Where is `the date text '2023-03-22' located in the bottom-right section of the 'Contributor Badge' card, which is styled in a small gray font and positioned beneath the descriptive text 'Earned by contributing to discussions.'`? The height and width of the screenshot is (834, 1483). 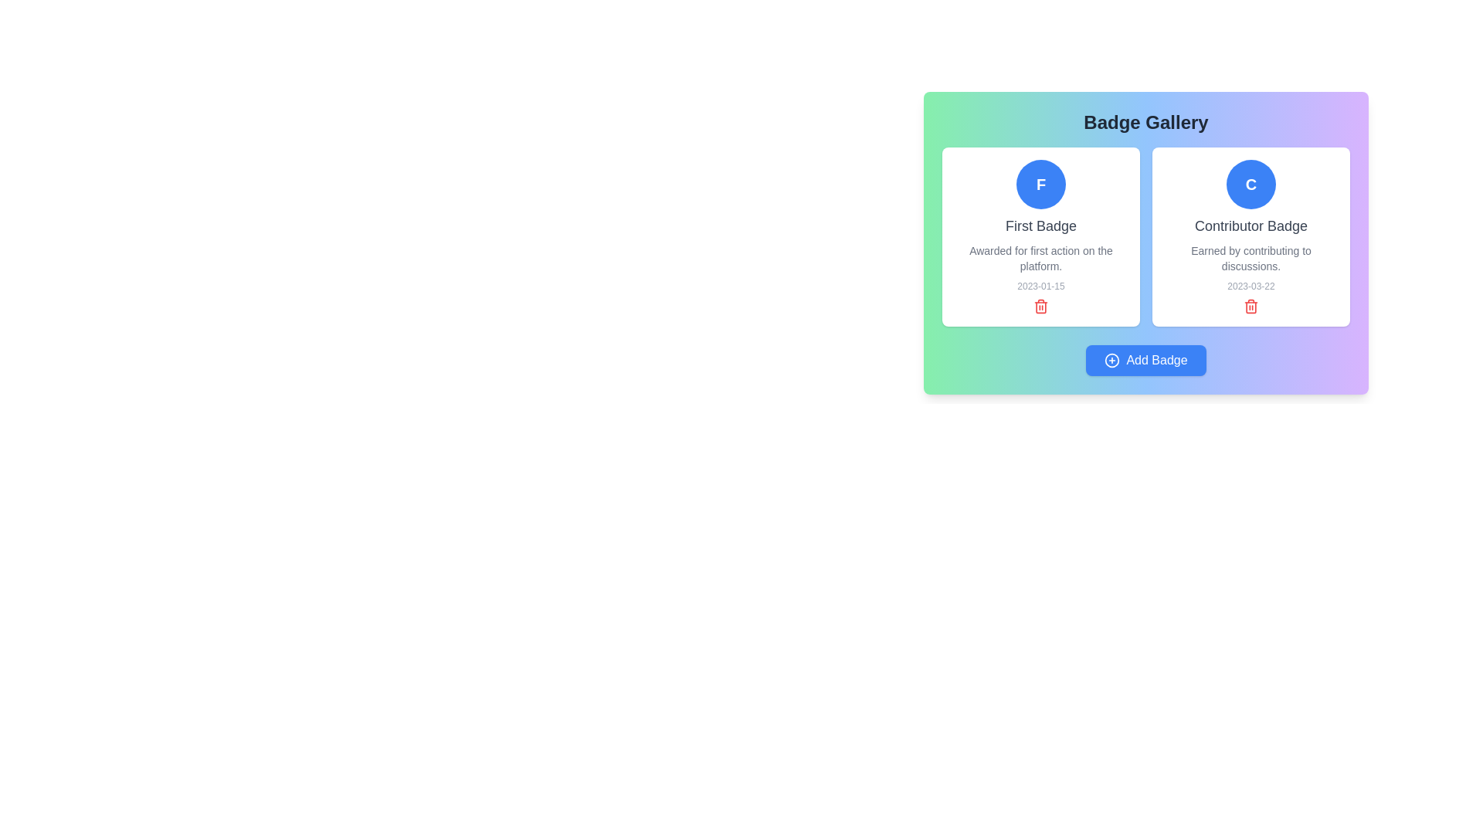
the date text '2023-03-22' located in the bottom-right section of the 'Contributor Badge' card, which is styled in a small gray font and positioned beneath the descriptive text 'Earned by contributing to discussions.' is located at coordinates (1251, 286).